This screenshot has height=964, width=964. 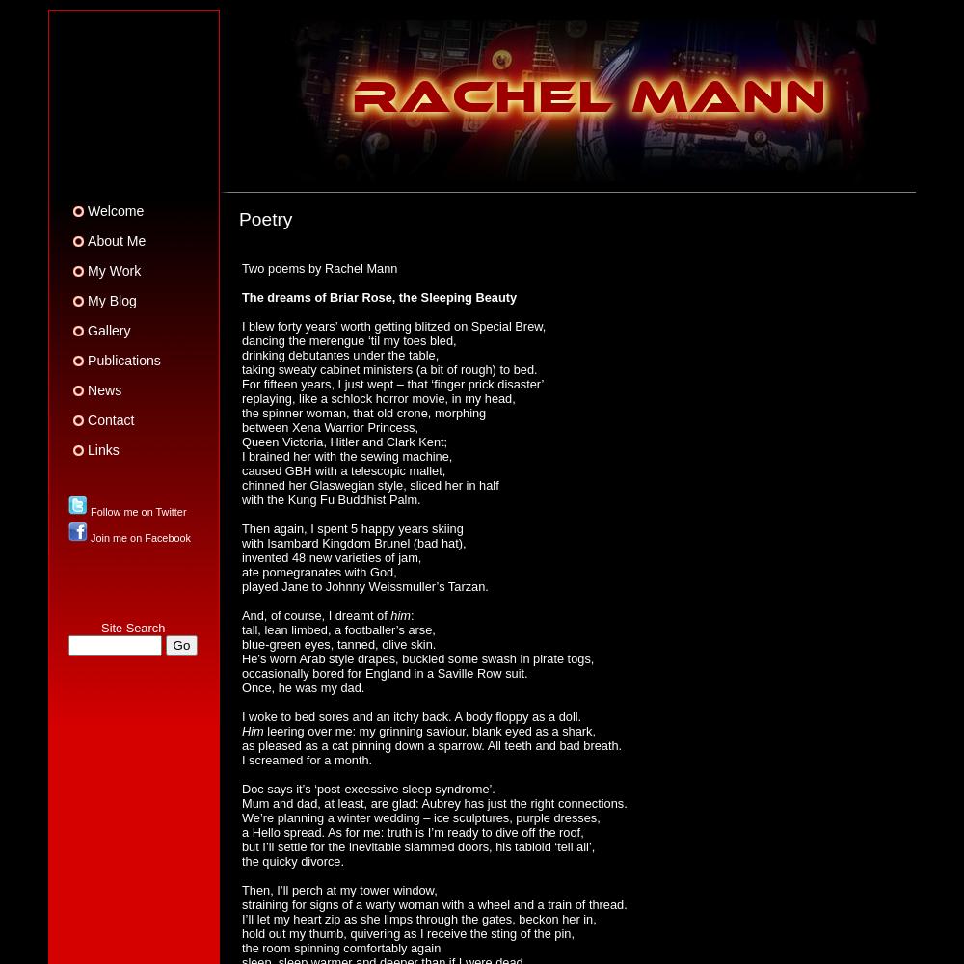 What do you see at coordinates (337, 629) in the screenshot?
I see `'tall, lean limbed, a footballer’s arse,'` at bounding box center [337, 629].